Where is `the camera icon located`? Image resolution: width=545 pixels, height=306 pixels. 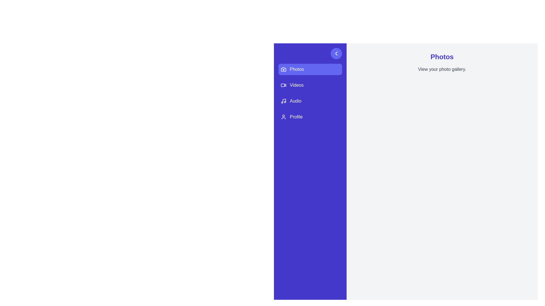 the camera icon located is located at coordinates (283, 69).